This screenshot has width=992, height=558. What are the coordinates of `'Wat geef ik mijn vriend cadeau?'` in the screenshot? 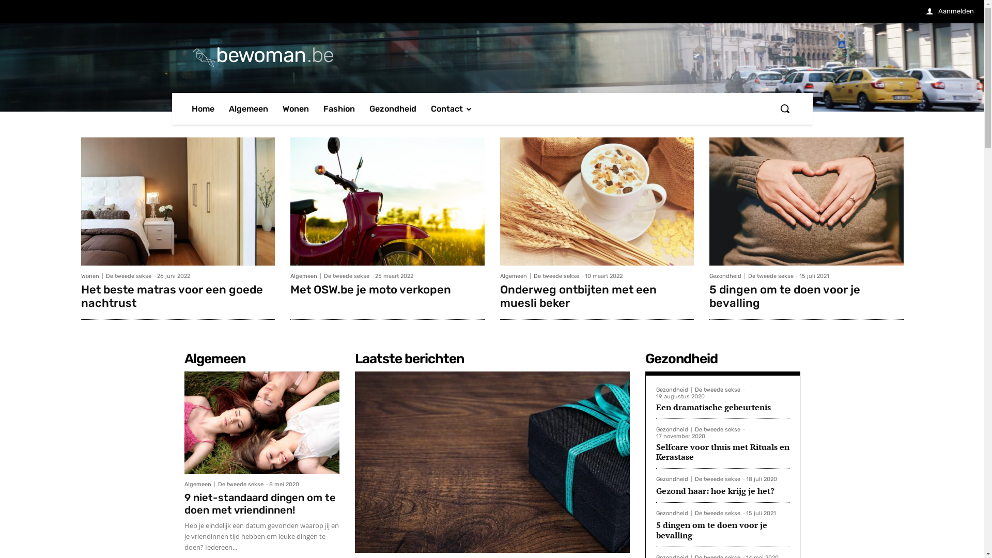 It's located at (491, 461).